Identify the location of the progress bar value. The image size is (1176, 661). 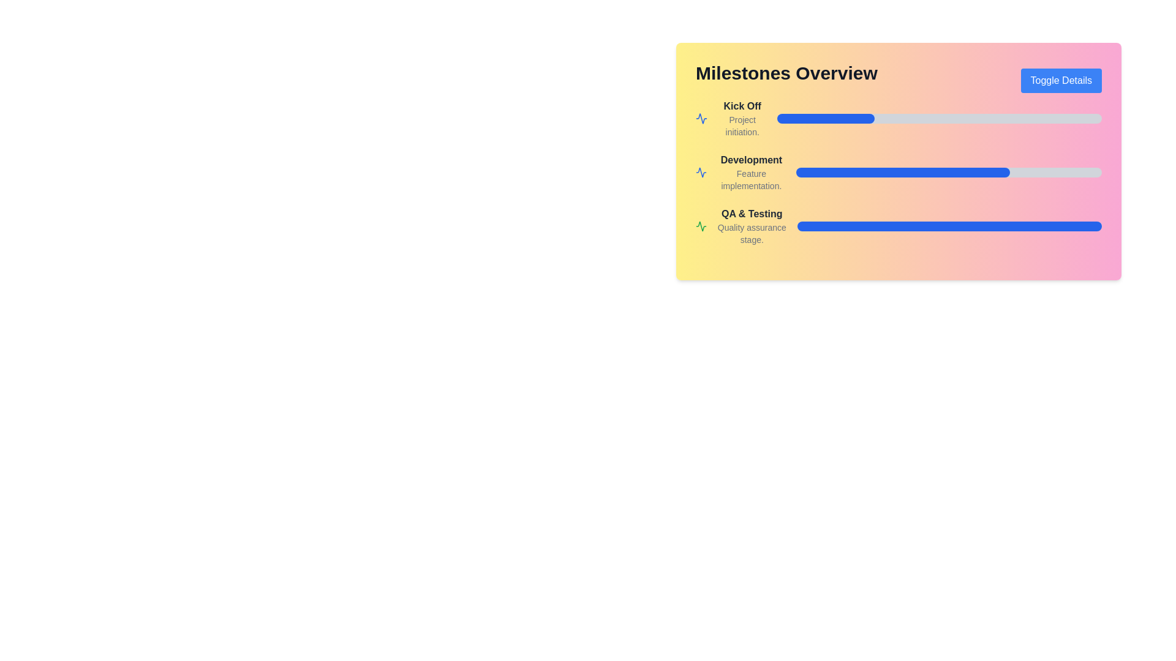
(827, 226).